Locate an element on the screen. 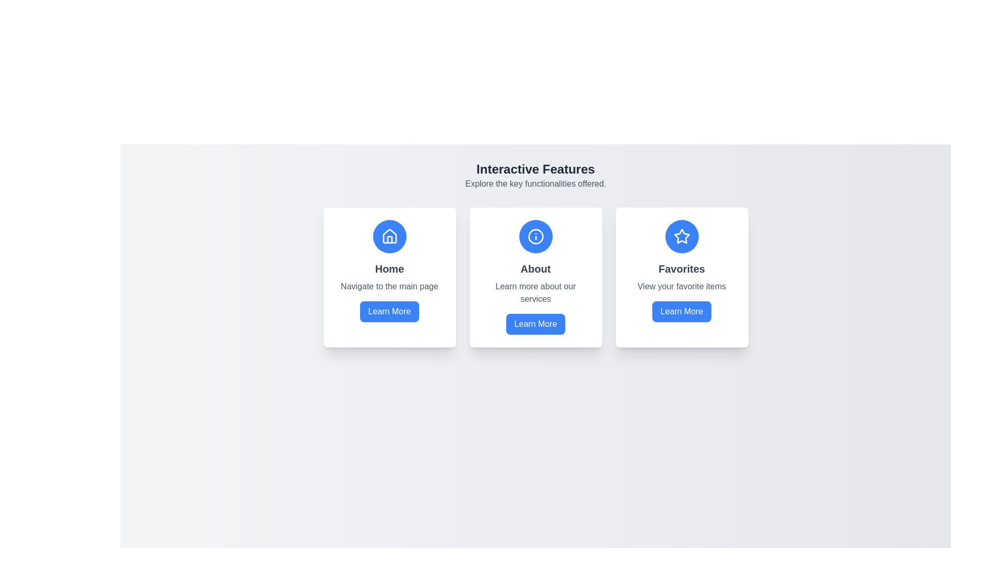 The height and width of the screenshot is (563, 1002). the 'Favorites' icon located at the top-center of the 'Favorites' card, just above the text 'Favorites' and the 'Learn More' button is located at coordinates (682, 237).